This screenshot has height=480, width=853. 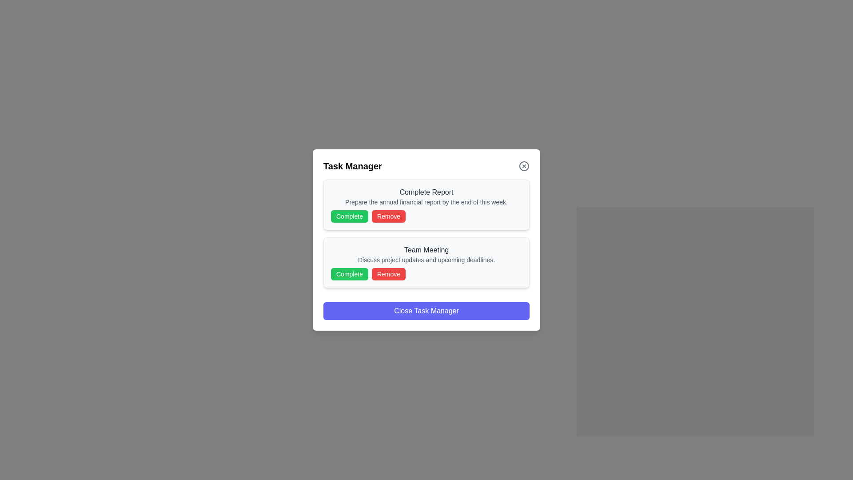 What do you see at coordinates (426, 202) in the screenshot?
I see `the text label reading 'Prepare the annual financial report by the end of this week.' which is positioned below the title 'Complete Report' and above the buttons labeled 'Complete' and 'Remove'` at bounding box center [426, 202].